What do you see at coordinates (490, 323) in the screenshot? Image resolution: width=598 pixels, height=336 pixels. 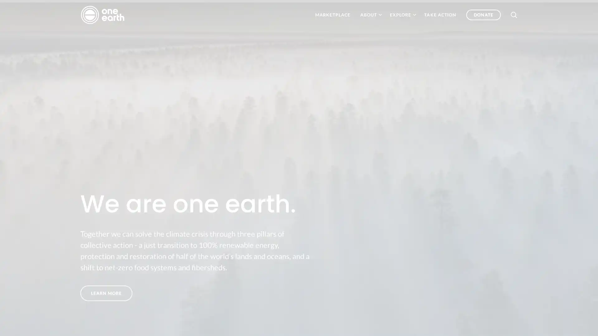 I see `Customize` at bounding box center [490, 323].